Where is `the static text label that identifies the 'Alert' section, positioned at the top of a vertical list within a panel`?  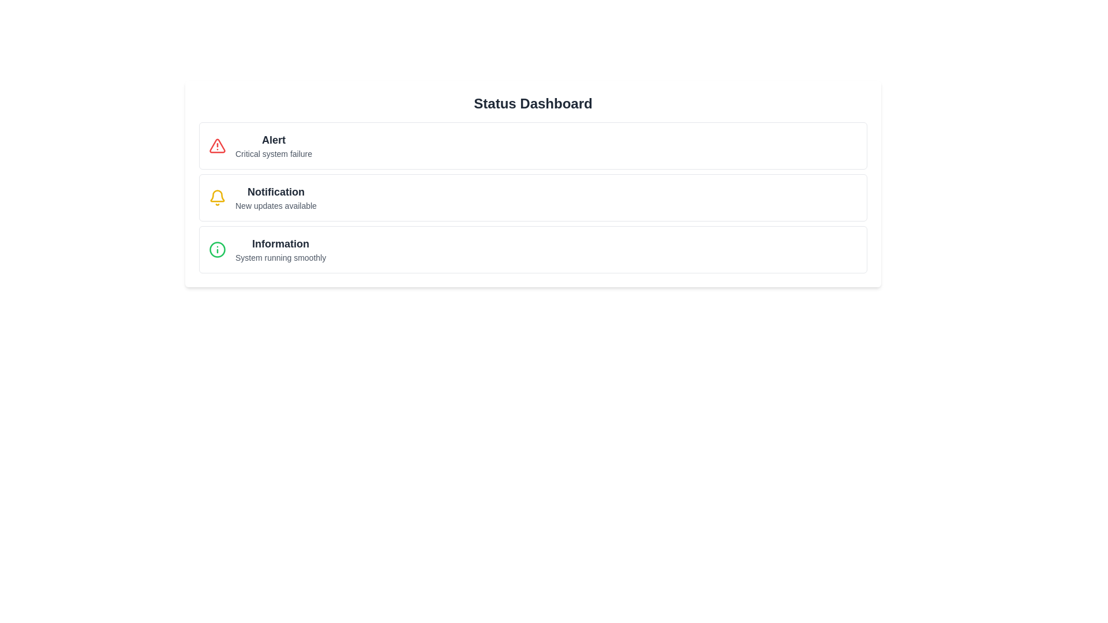 the static text label that identifies the 'Alert' section, positioned at the top of a vertical list within a panel is located at coordinates (273, 140).